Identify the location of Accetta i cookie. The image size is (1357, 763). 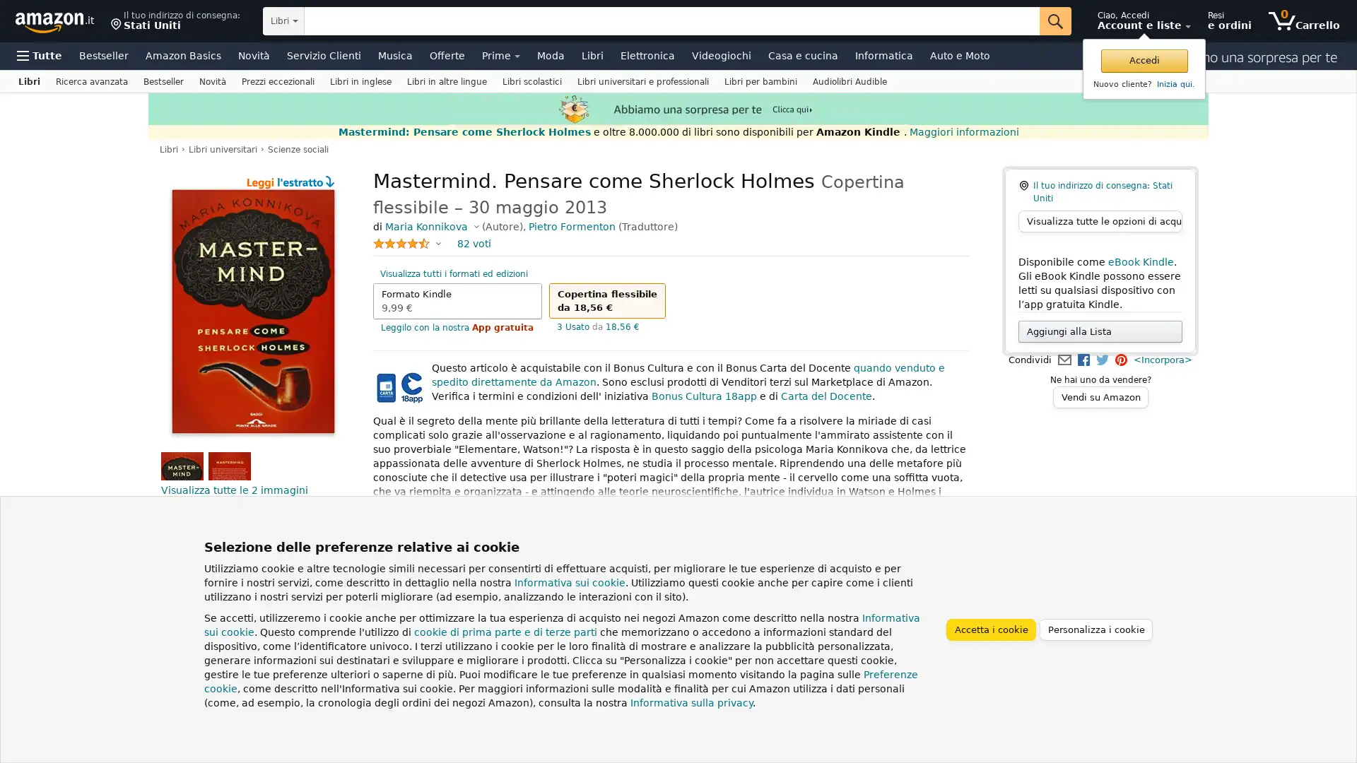
(989, 628).